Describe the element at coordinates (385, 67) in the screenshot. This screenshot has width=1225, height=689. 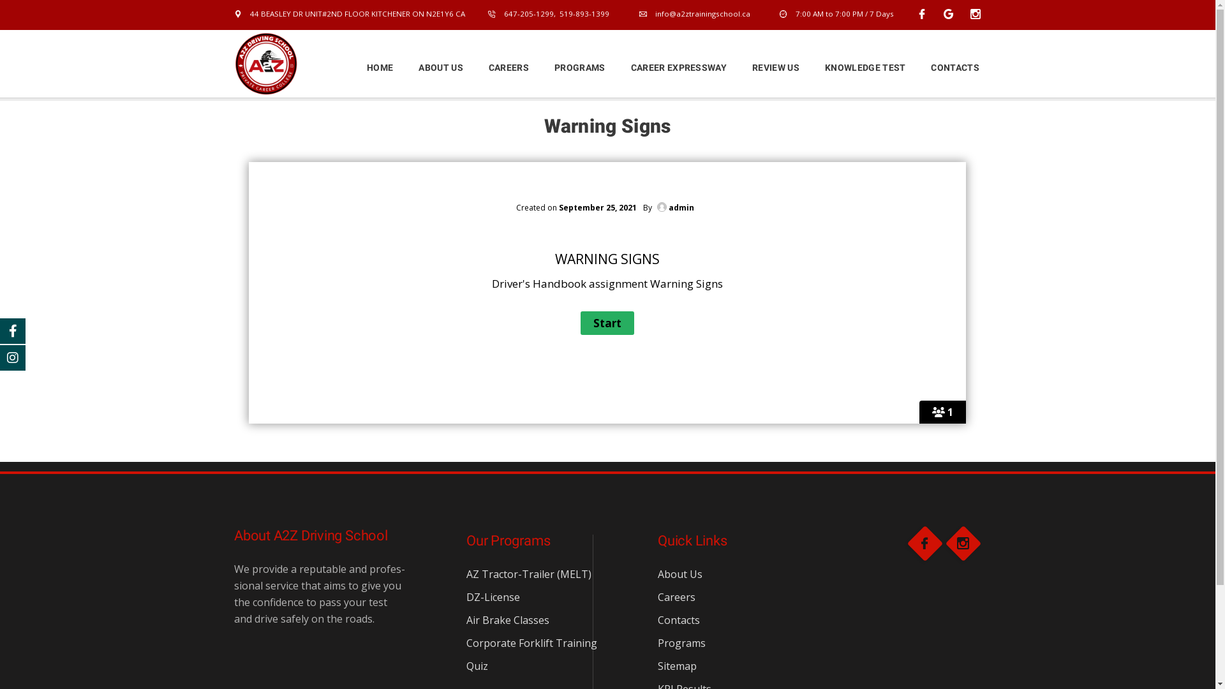
I see `'HOME'` at that location.